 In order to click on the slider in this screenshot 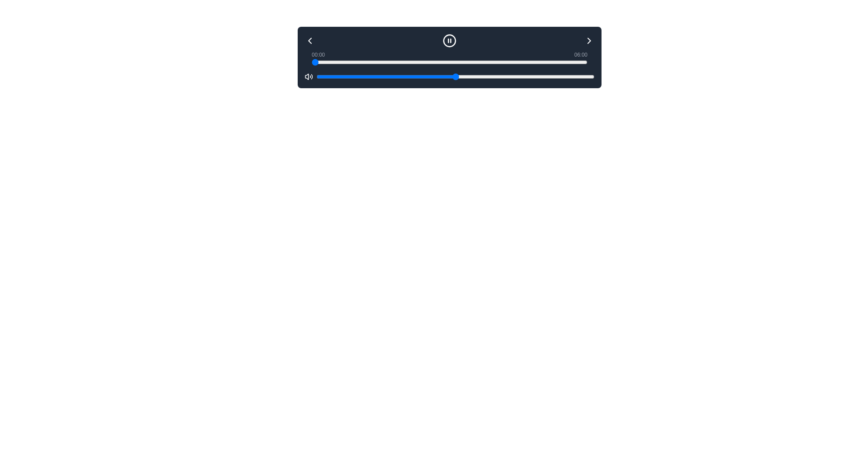, I will do `click(575, 76)`.